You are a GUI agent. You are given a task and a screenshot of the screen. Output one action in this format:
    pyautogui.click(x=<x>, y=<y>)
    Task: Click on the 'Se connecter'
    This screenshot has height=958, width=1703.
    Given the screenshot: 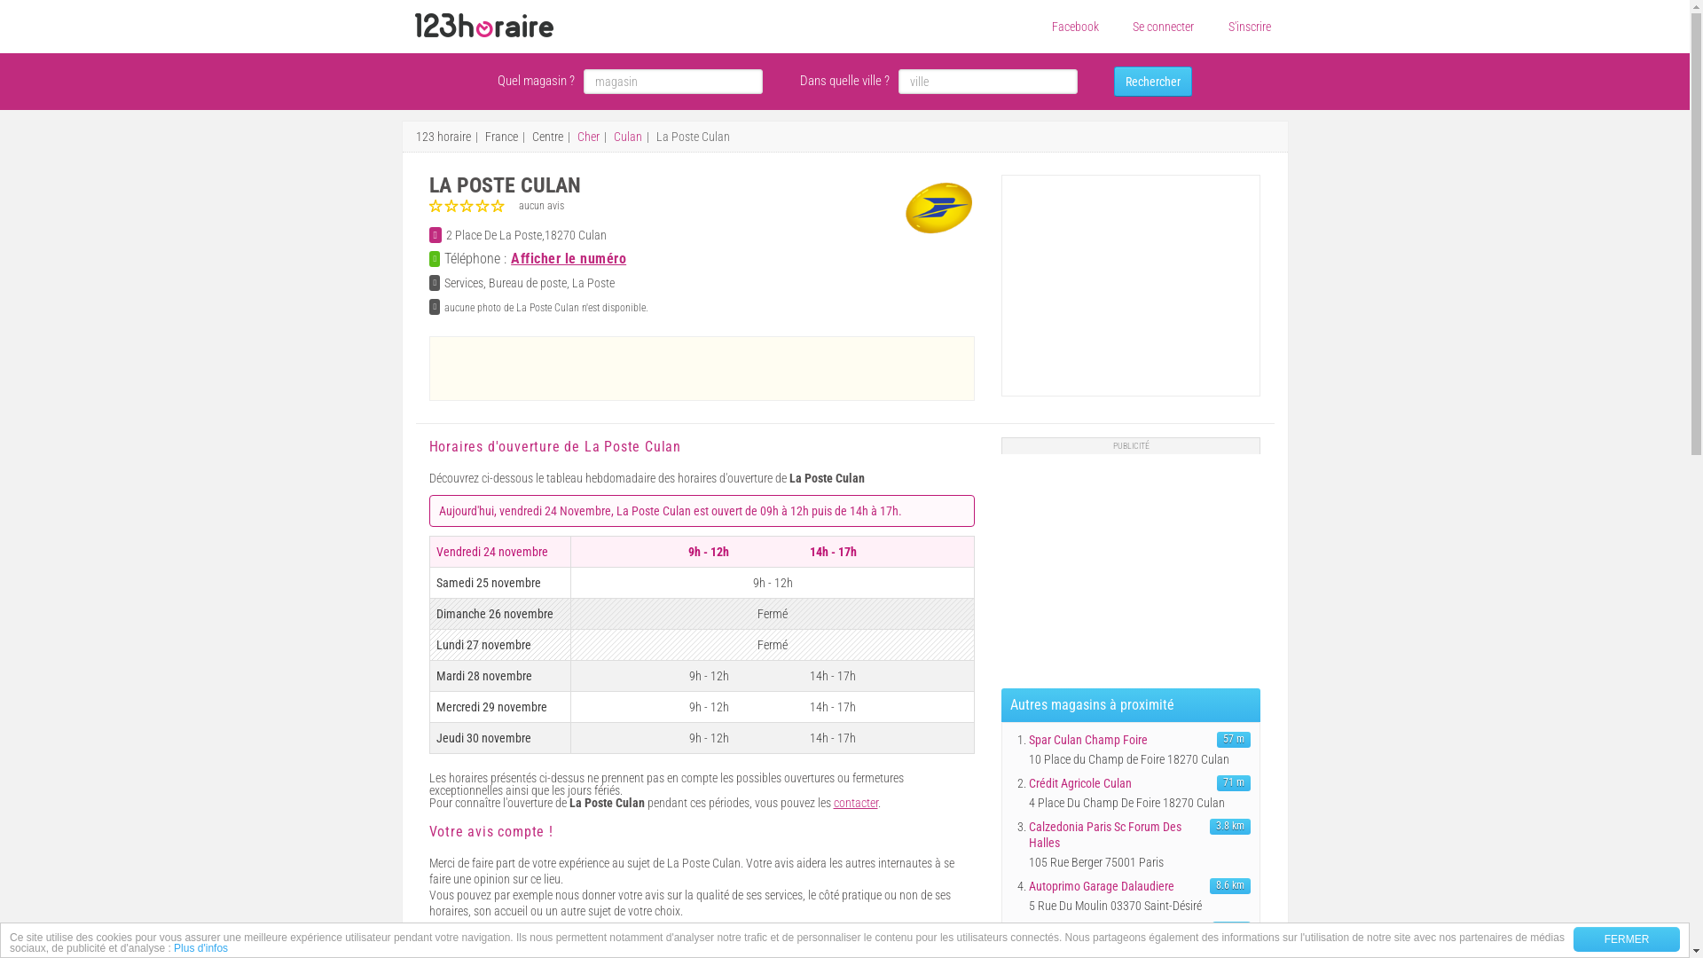 What is the action you would take?
    pyautogui.click(x=1131, y=27)
    